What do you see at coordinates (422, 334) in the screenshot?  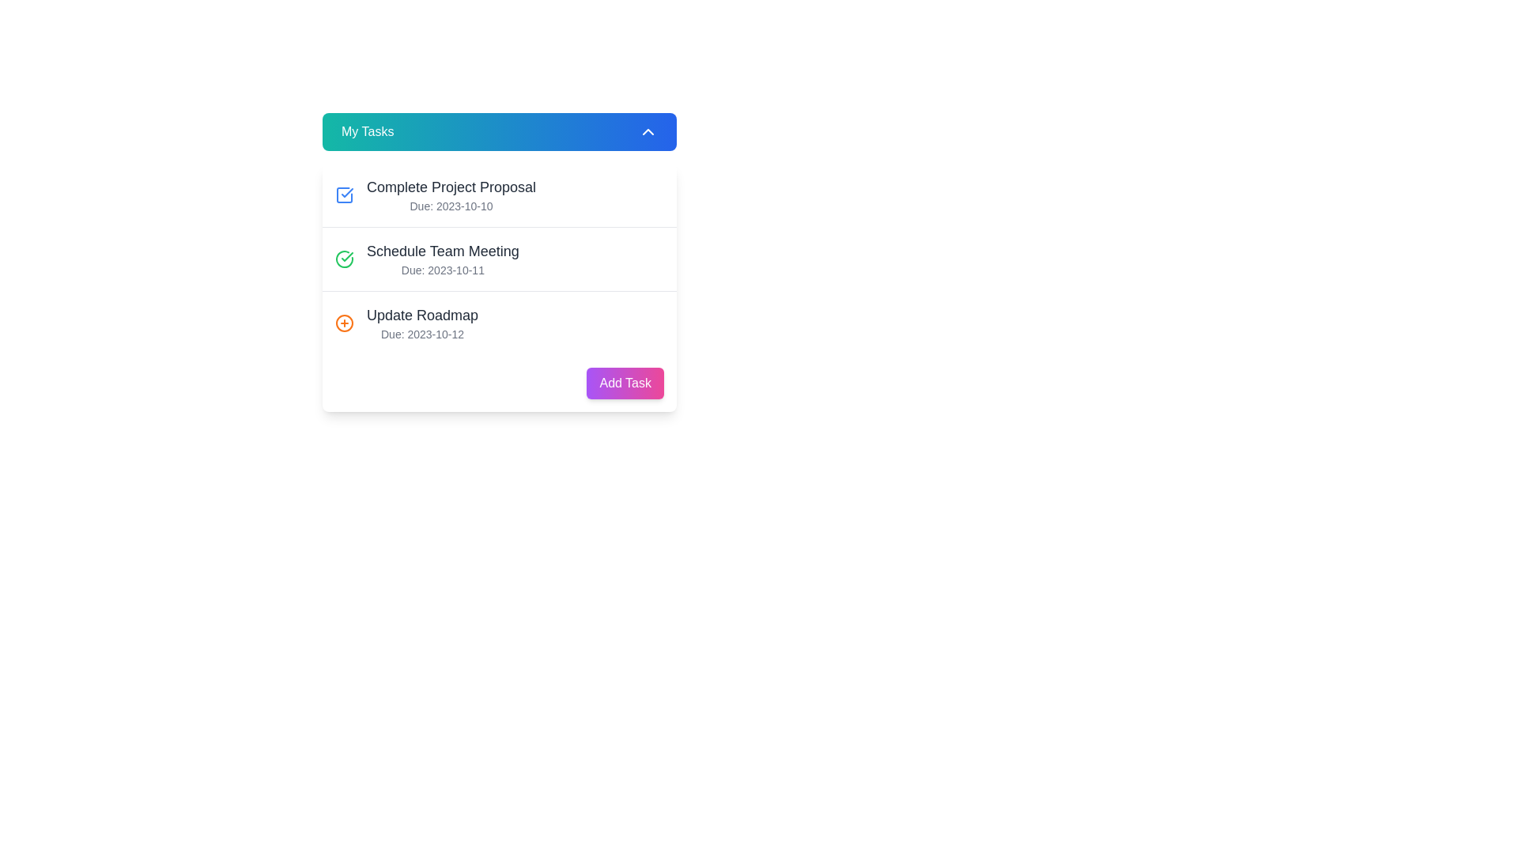 I see `the text label indicating the due date for the 'Update Roadmap' task, located at the bottom of the third entry in the task list titled 'My Tasks'` at bounding box center [422, 334].